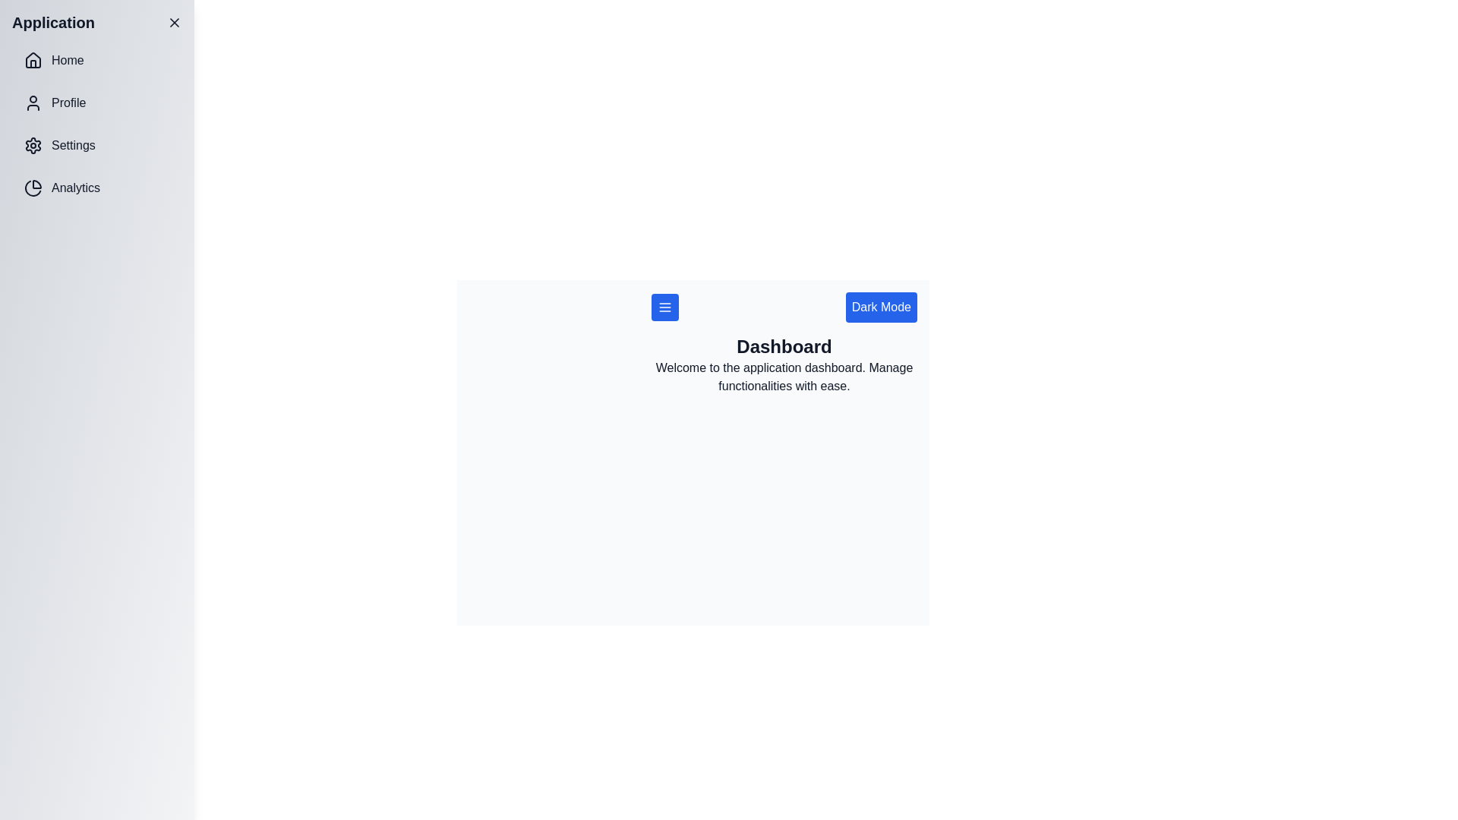 The height and width of the screenshot is (820, 1458). What do you see at coordinates (784, 365) in the screenshot?
I see `the text block that introduces users to the dashboard functionality, located at the top-center of the main content area, below the navigation bar with the 'Dark Mode' toggle` at bounding box center [784, 365].